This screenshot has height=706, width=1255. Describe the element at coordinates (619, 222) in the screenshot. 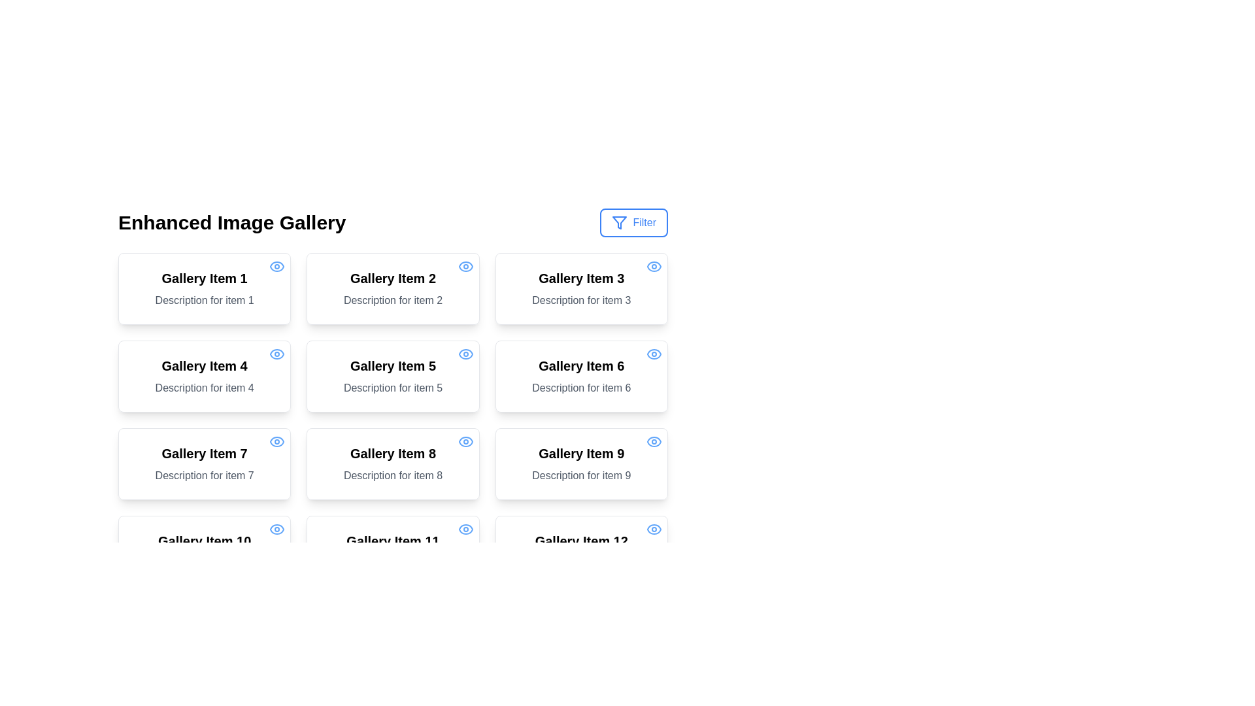

I see `the geometric icon shaped like an inverted triangle in the filter button to potentially reveal a tooltip` at that location.